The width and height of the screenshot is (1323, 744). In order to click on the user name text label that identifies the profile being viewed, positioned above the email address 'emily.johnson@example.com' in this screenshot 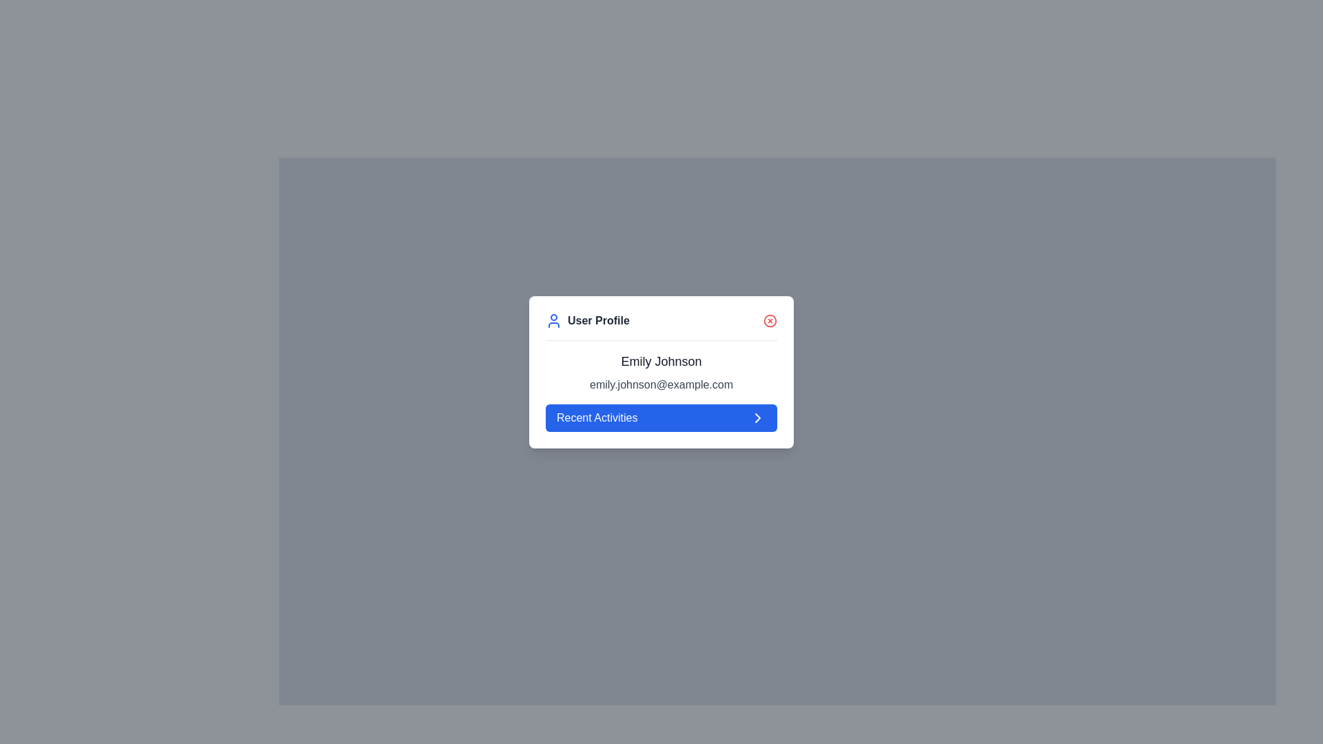, I will do `click(661, 360)`.